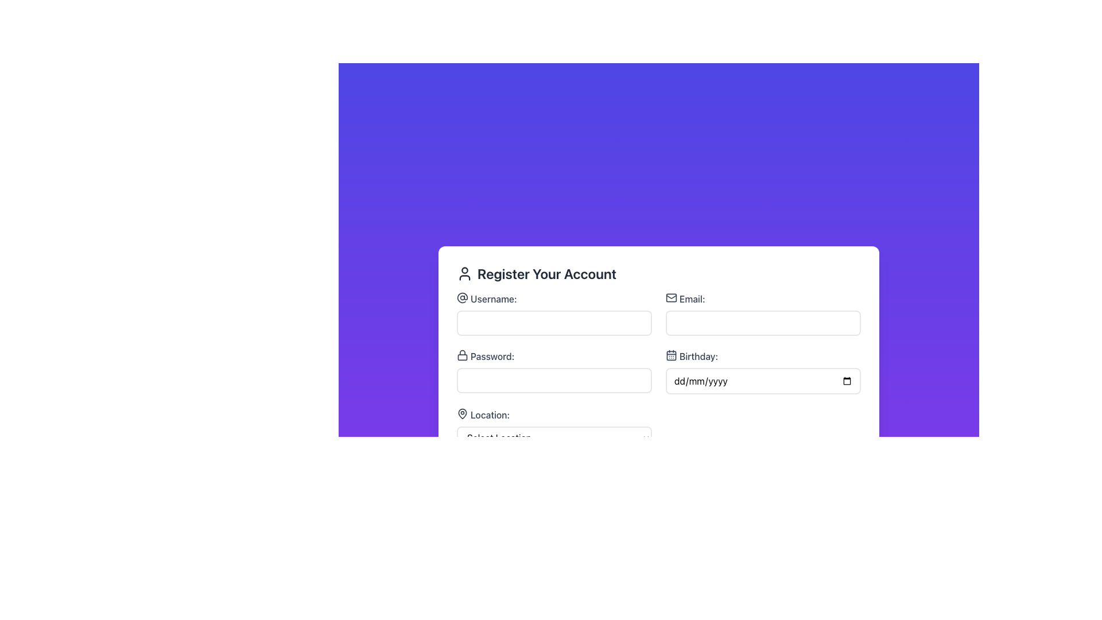 The height and width of the screenshot is (620, 1102). I want to click on the date selection icon located to the left of the 'Birthday:' text input field, so click(672, 354).